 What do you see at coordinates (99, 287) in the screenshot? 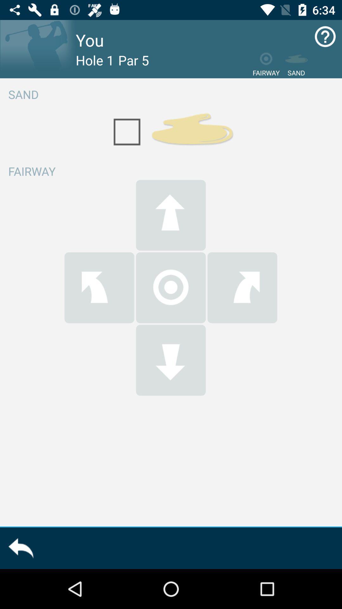
I see `putt left` at bounding box center [99, 287].